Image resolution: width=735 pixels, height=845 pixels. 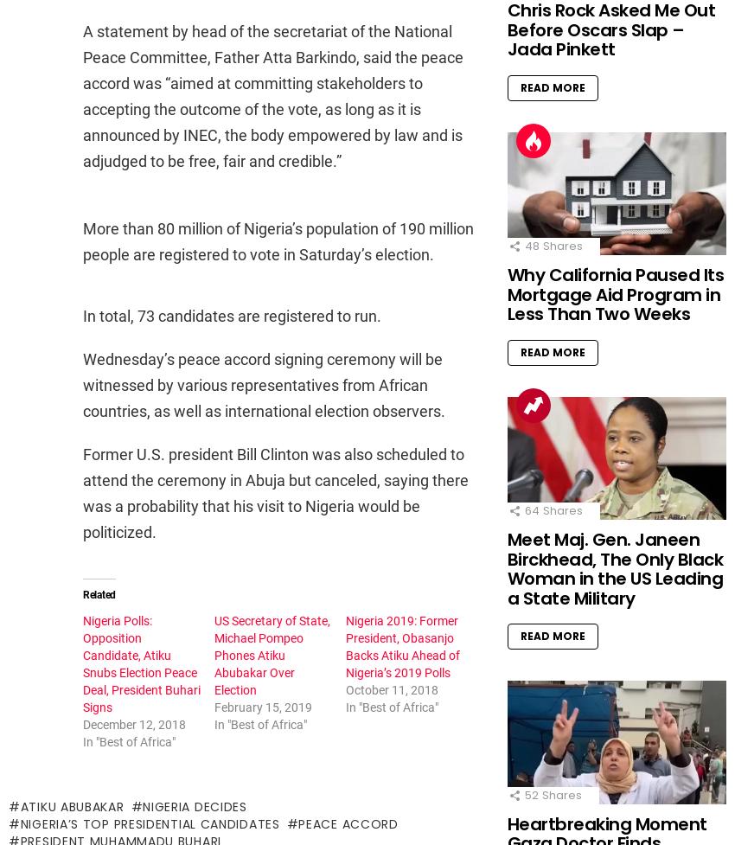 I want to click on 'Related', so click(x=98, y=595).